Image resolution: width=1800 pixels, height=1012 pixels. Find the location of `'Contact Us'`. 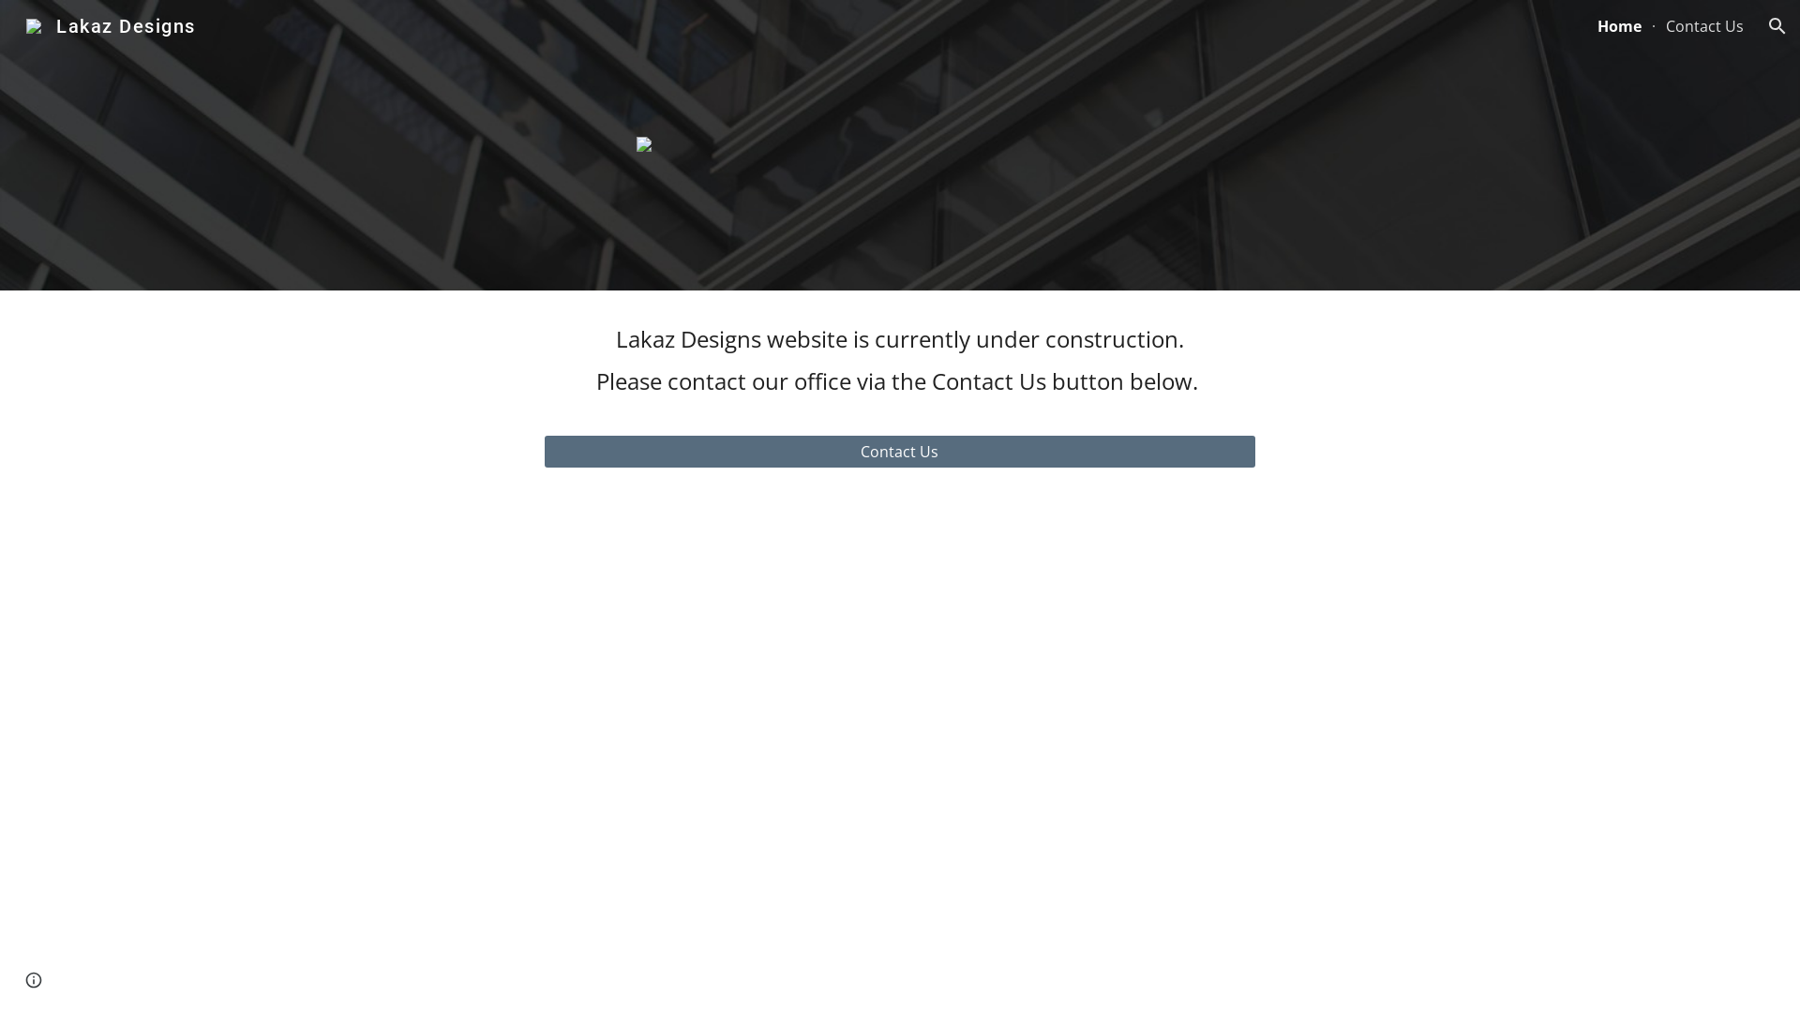

'Contact Us' is located at coordinates (900, 452).